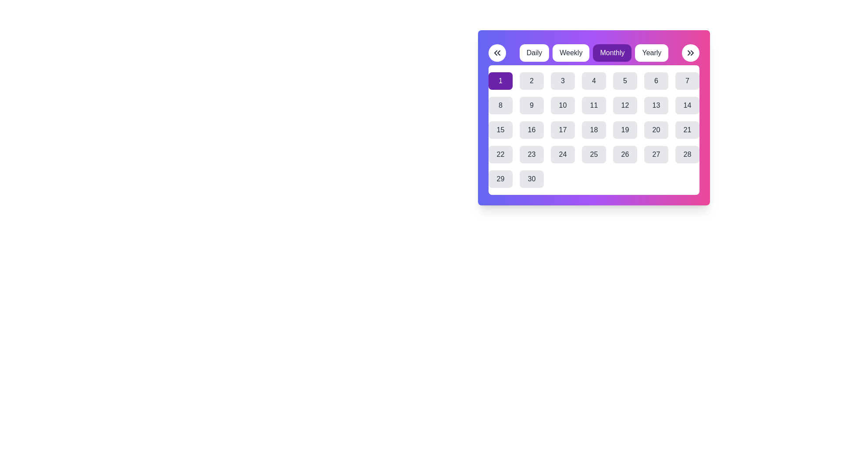  What do you see at coordinates (531, 154) in the screenshot?
I see `the button labeled '23', which is a small rectangular button with rounded corners, located` at bounding box center [531, 154].